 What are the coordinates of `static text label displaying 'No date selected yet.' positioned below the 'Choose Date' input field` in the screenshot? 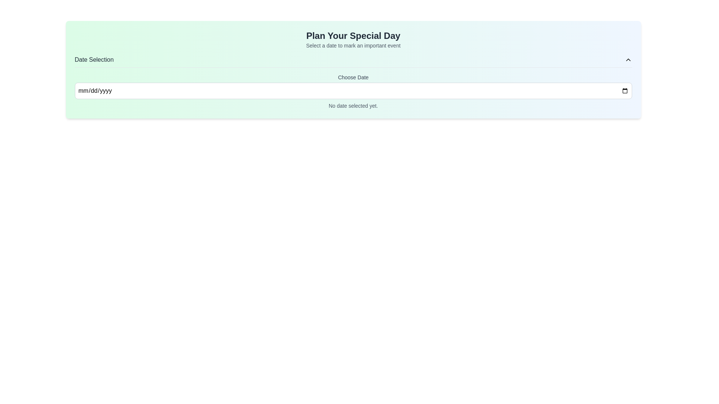 It's located at (353, 105).